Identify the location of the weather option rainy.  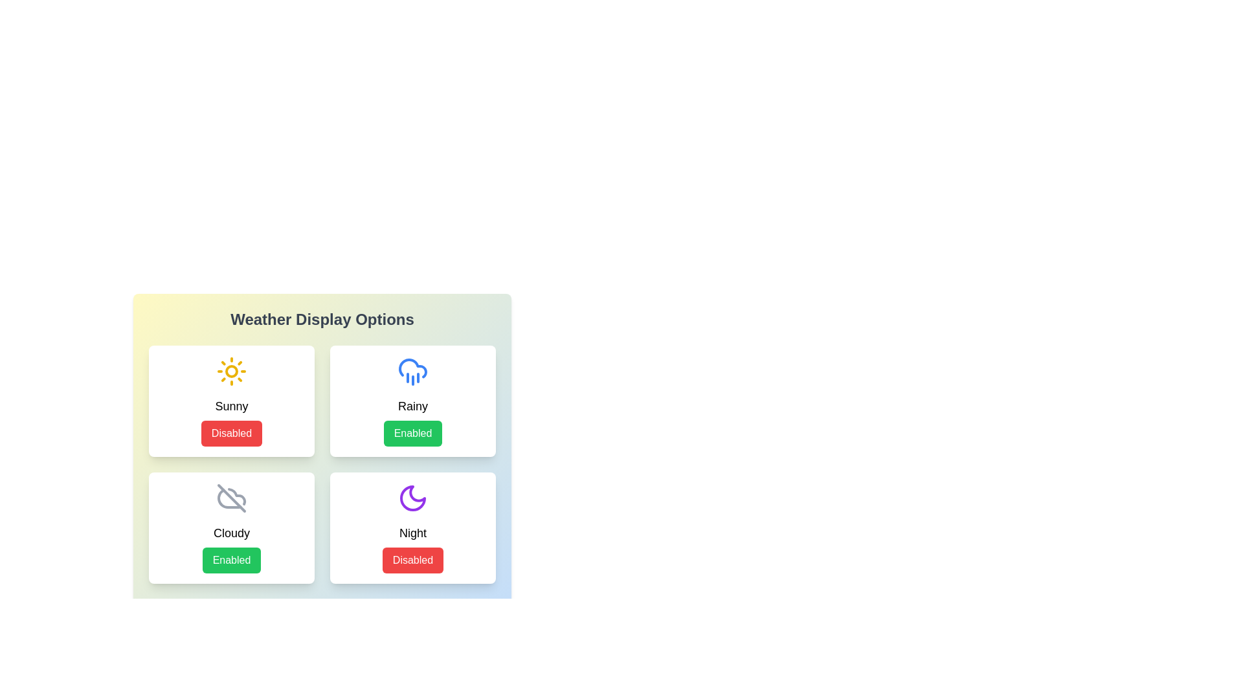
(412, 401).